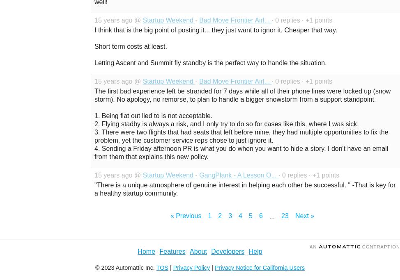 This screenshot has height=280, width=400. What do you see at coordinates (215, 268) in the screenshot?
I see `'Privacy Notice for California Users'` at bounding box center [215, 268].